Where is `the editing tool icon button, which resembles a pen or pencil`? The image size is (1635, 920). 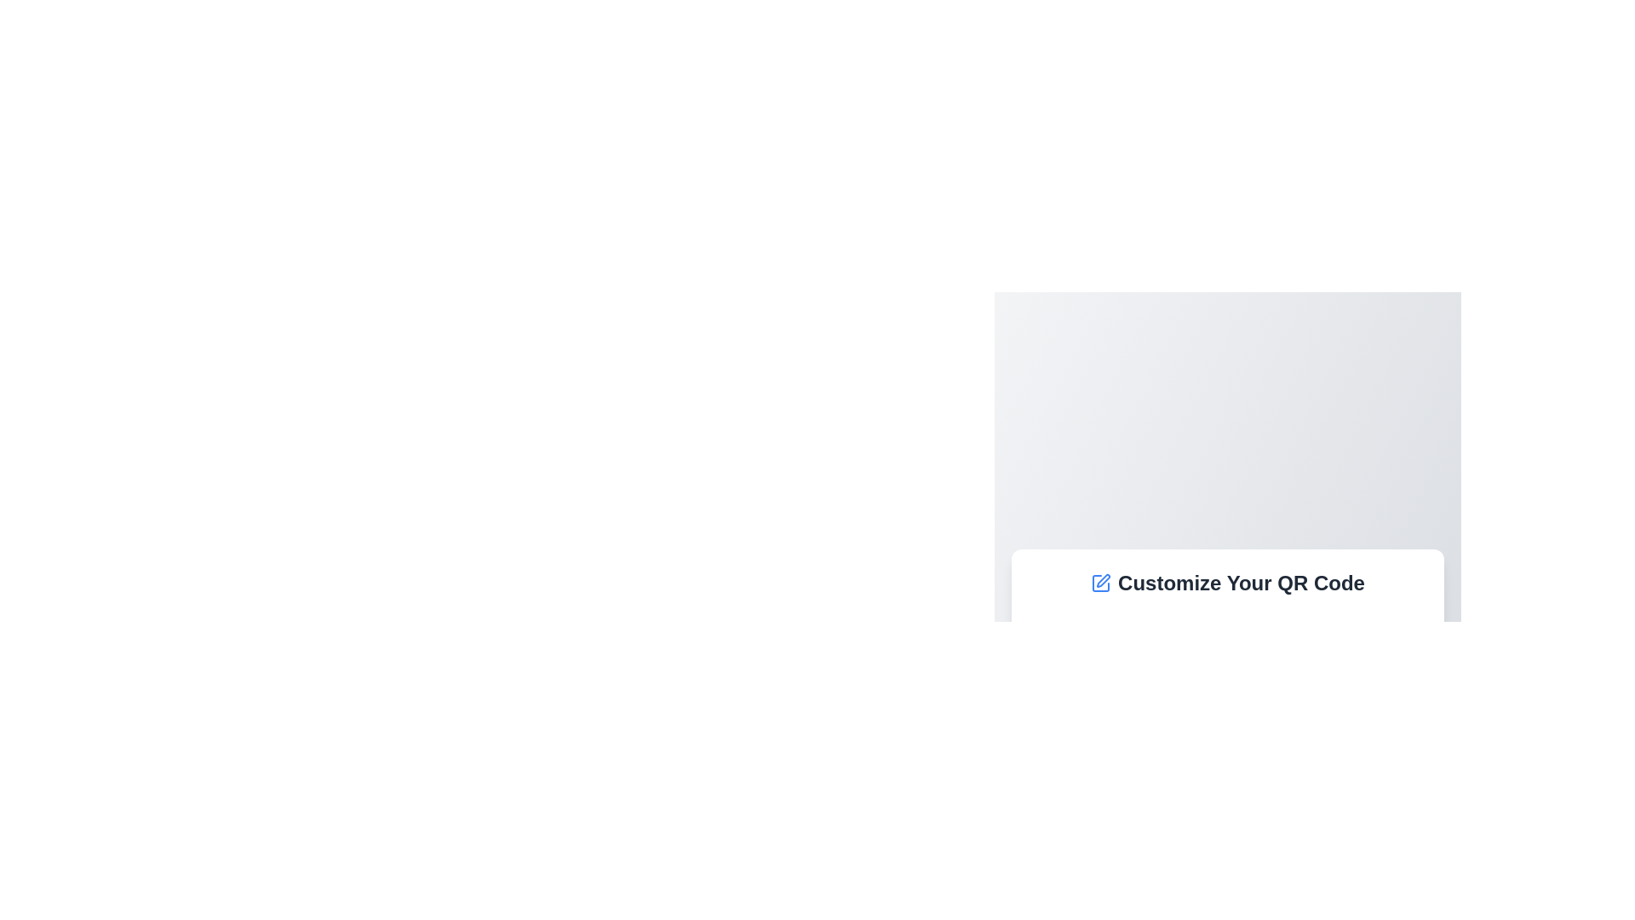
the editing tool icon button, which resembles a pen or pencil is located at coordinates (1104, 580).